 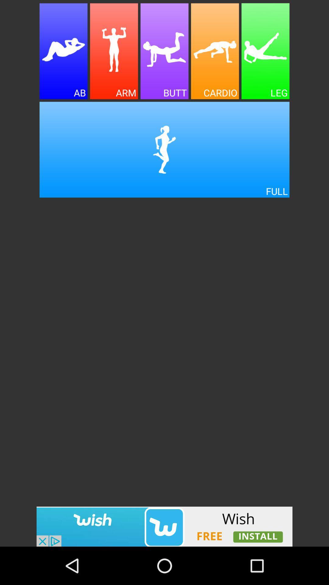 What do you see at coordinates (114, 51) in the screenshot?
I see `arm workouts` at bounding box center [114, 51].